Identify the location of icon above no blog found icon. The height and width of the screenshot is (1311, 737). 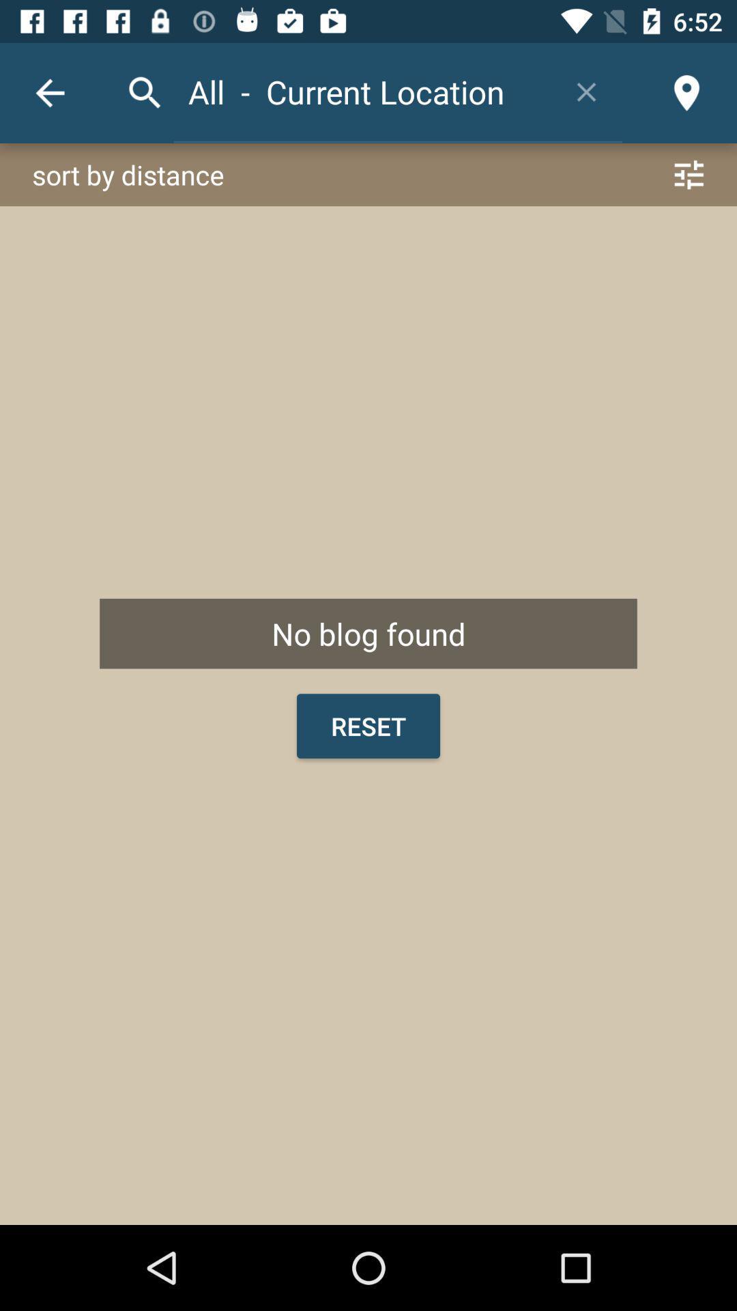
(369, 174).